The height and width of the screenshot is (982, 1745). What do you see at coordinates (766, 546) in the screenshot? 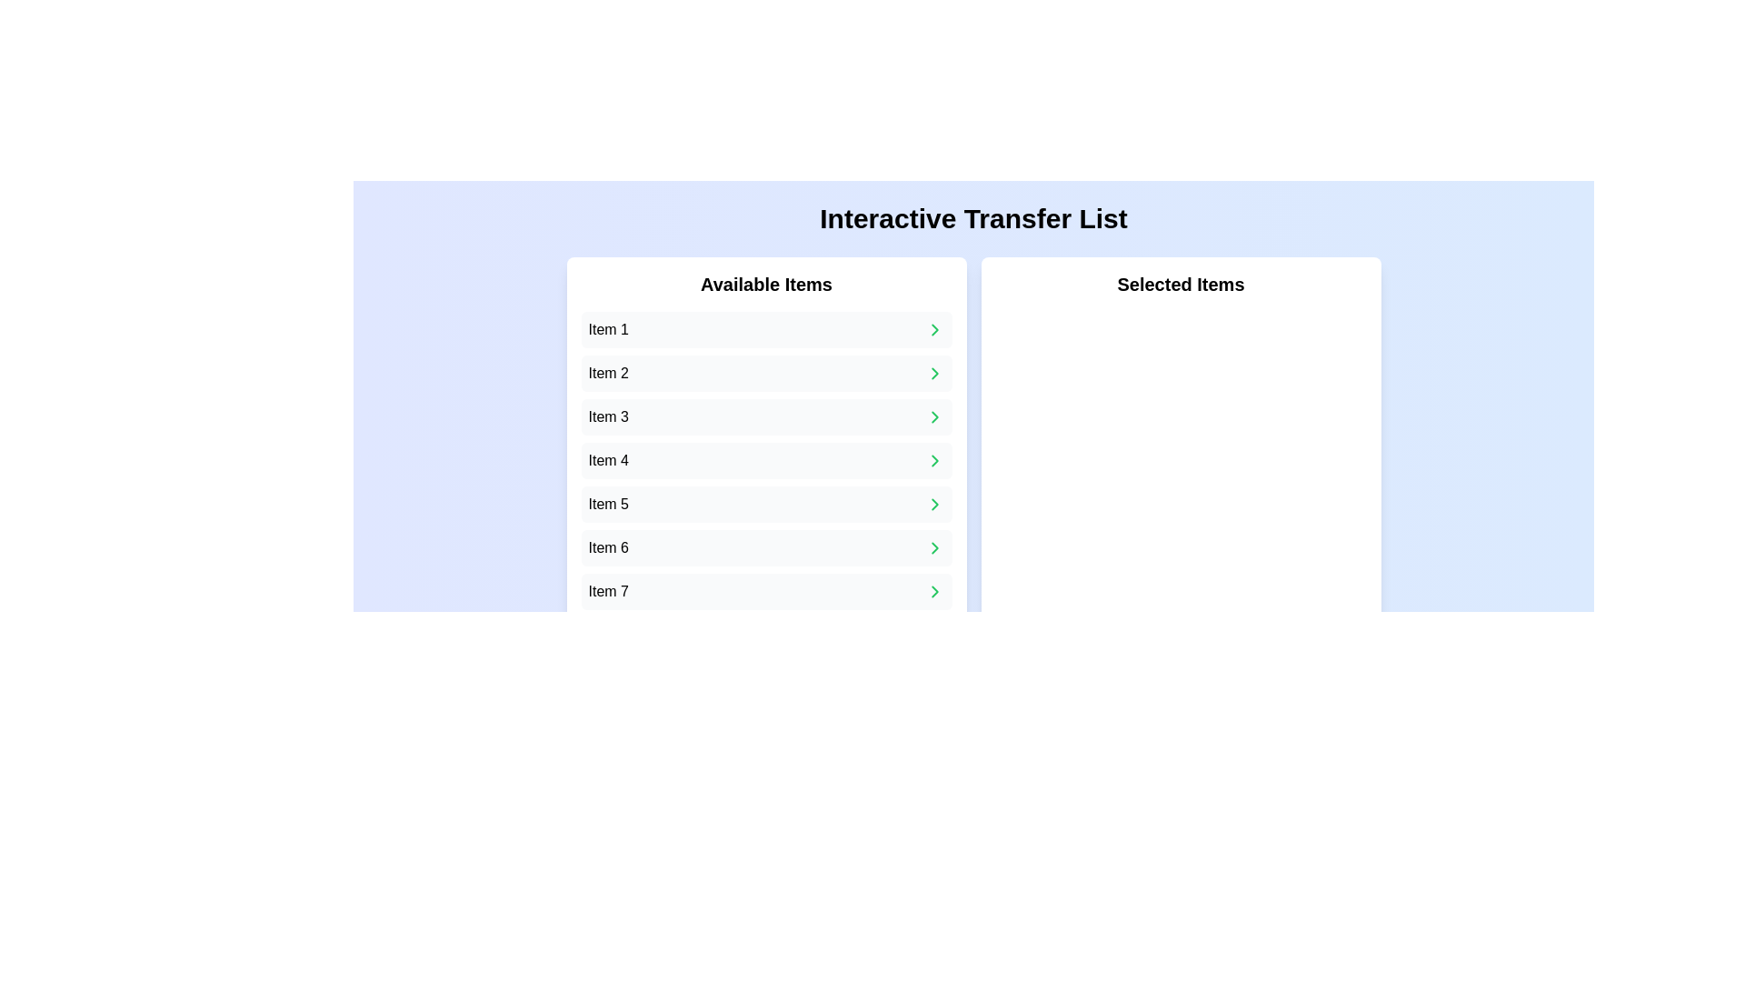
I see `'Item 6' from the 'Available Items' list` at bounding box center [766, 546].